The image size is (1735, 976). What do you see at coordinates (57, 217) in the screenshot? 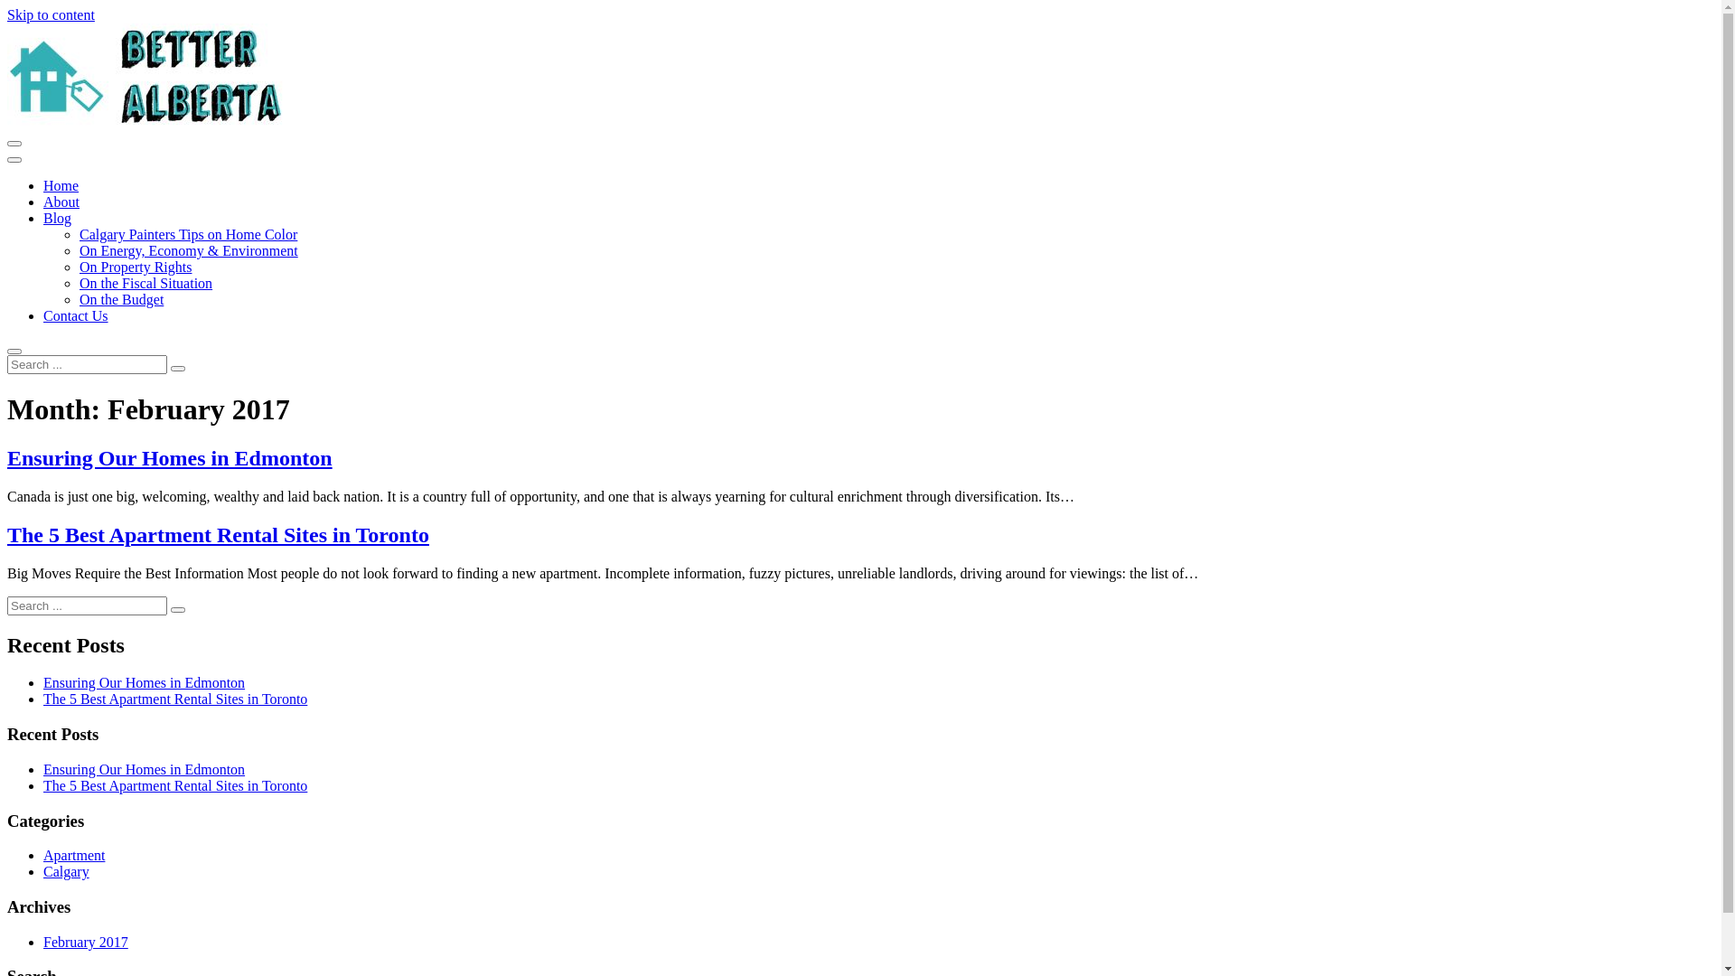
I see `'Blog'` at bounding box center [57, 217].